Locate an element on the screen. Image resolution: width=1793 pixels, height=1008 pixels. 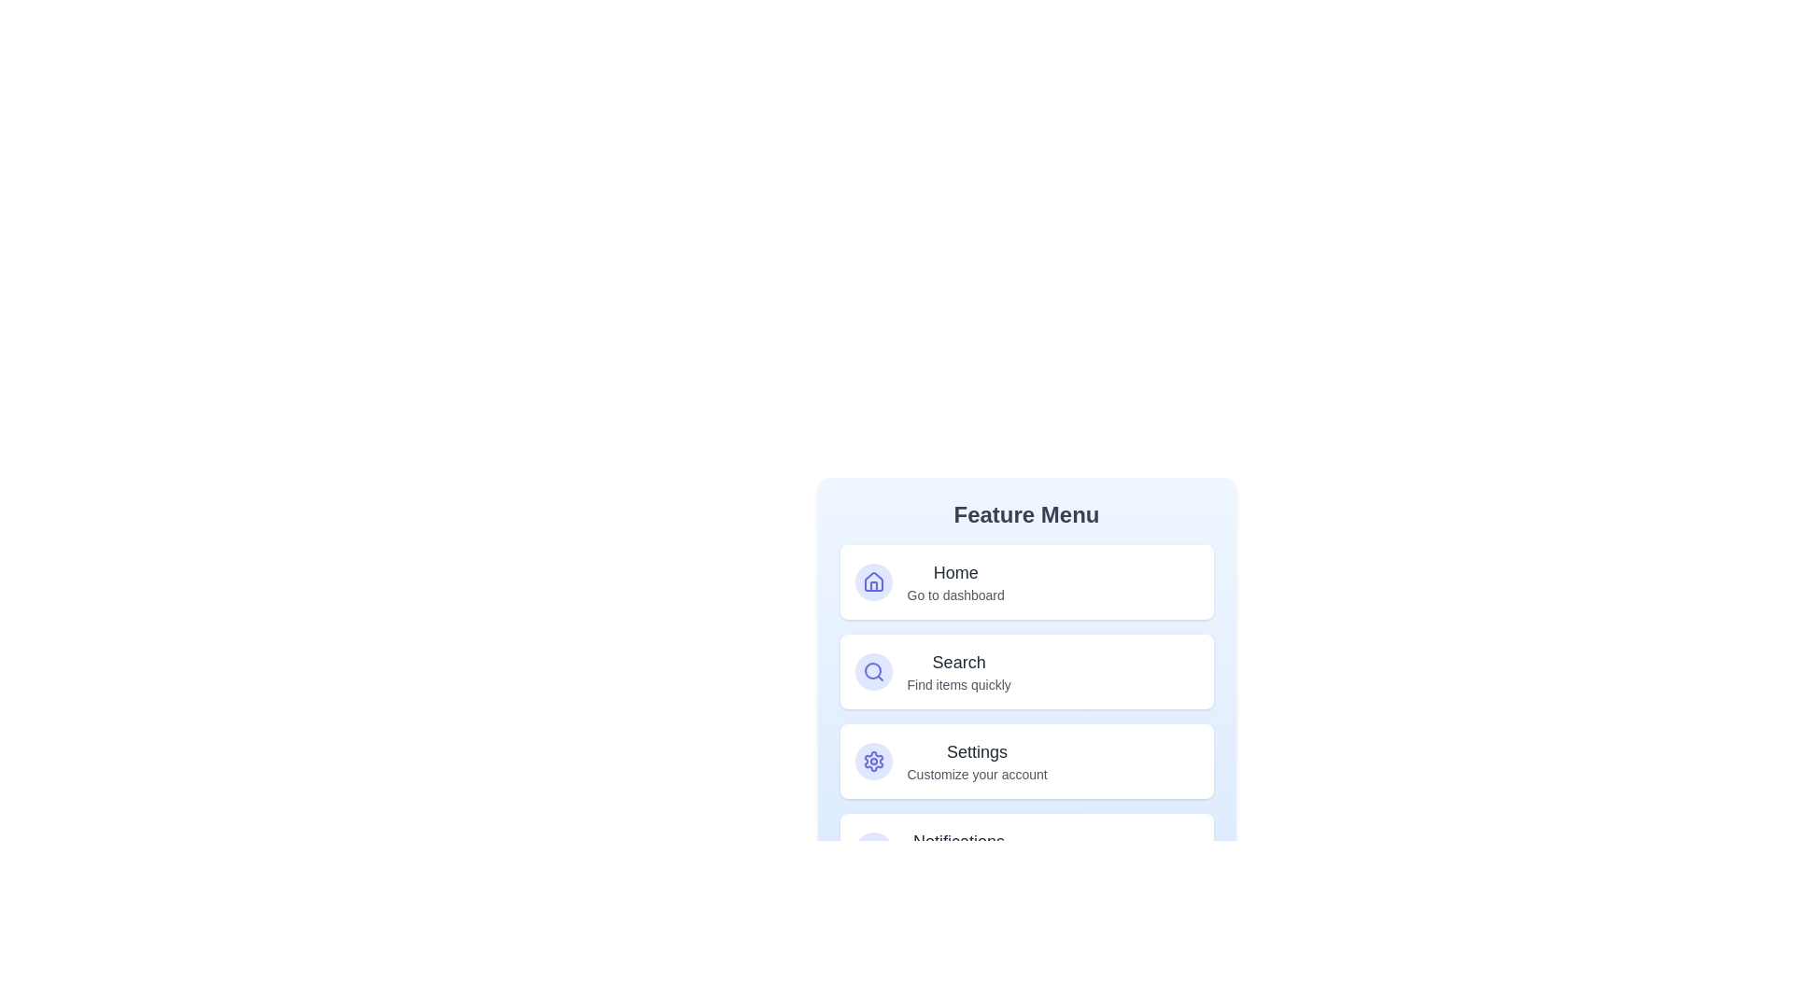
the option Home to see its hover effect is located at coordinates (1025, 581).